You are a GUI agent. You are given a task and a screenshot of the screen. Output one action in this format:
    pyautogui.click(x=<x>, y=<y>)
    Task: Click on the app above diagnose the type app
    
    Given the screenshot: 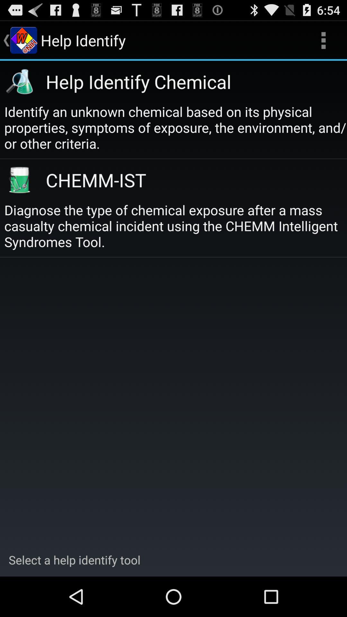 What is the action you would take?
    pyautogui.click(x=189, y=180)
    